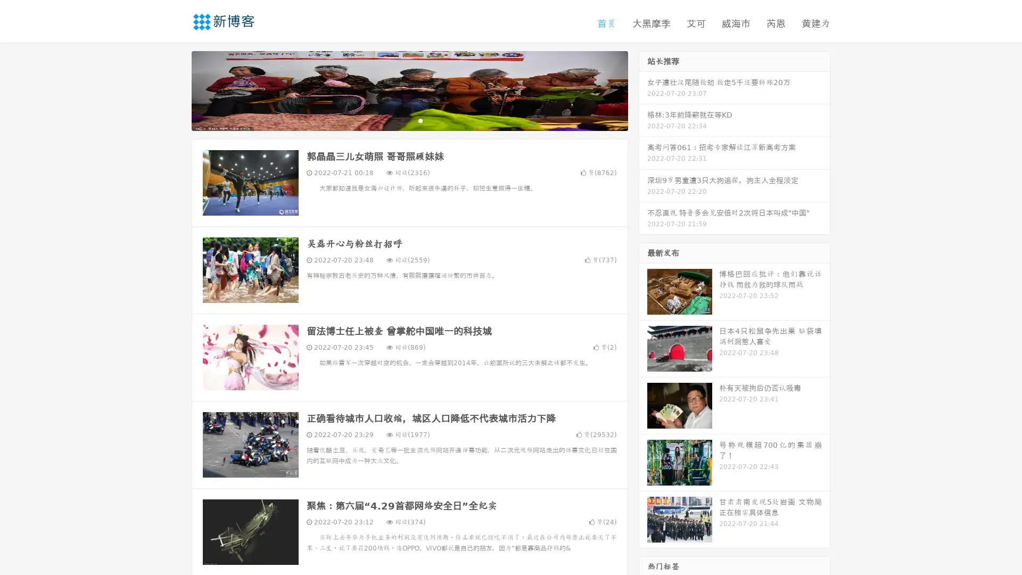 This screenshot has height=575, width=1022. Describe the element at coordinates (176, 89) in the screenshot. I see `Previous slide` at that location.